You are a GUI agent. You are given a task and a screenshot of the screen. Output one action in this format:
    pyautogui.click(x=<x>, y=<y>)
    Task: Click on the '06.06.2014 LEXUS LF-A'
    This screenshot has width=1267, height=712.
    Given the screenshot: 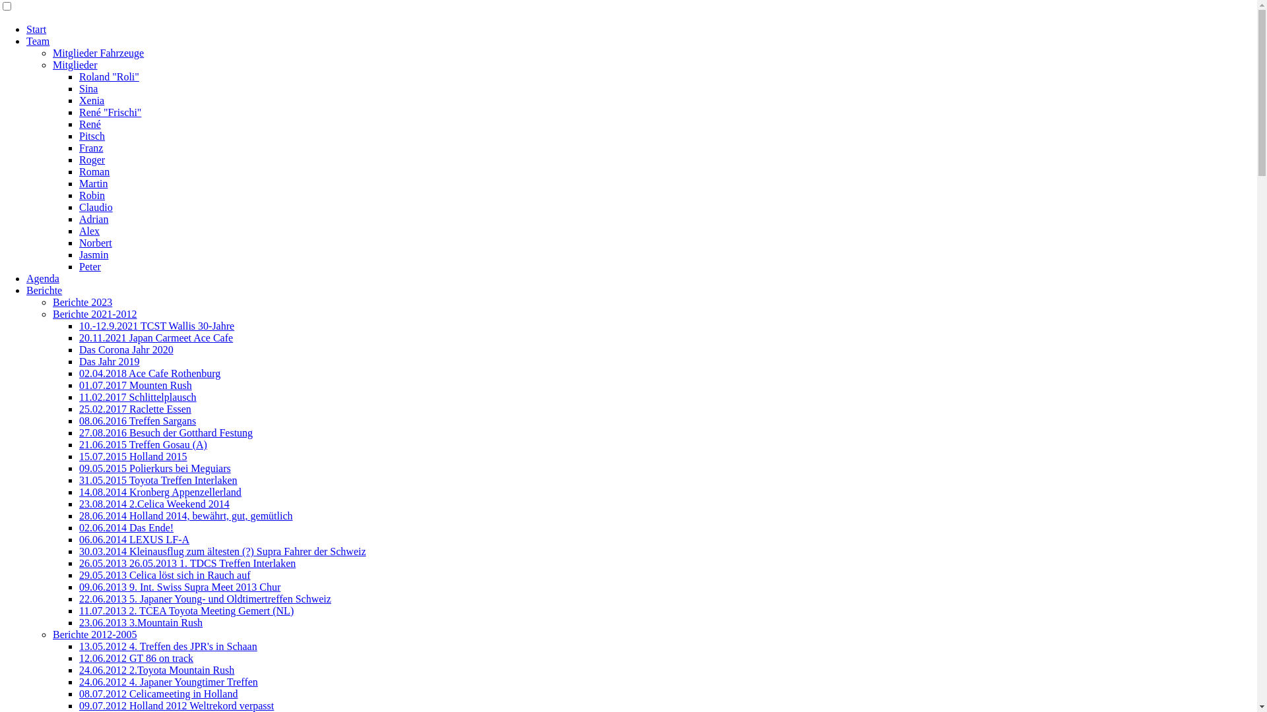 What is the action you would take?
    pyautogui.click(x=134, y=539)
    